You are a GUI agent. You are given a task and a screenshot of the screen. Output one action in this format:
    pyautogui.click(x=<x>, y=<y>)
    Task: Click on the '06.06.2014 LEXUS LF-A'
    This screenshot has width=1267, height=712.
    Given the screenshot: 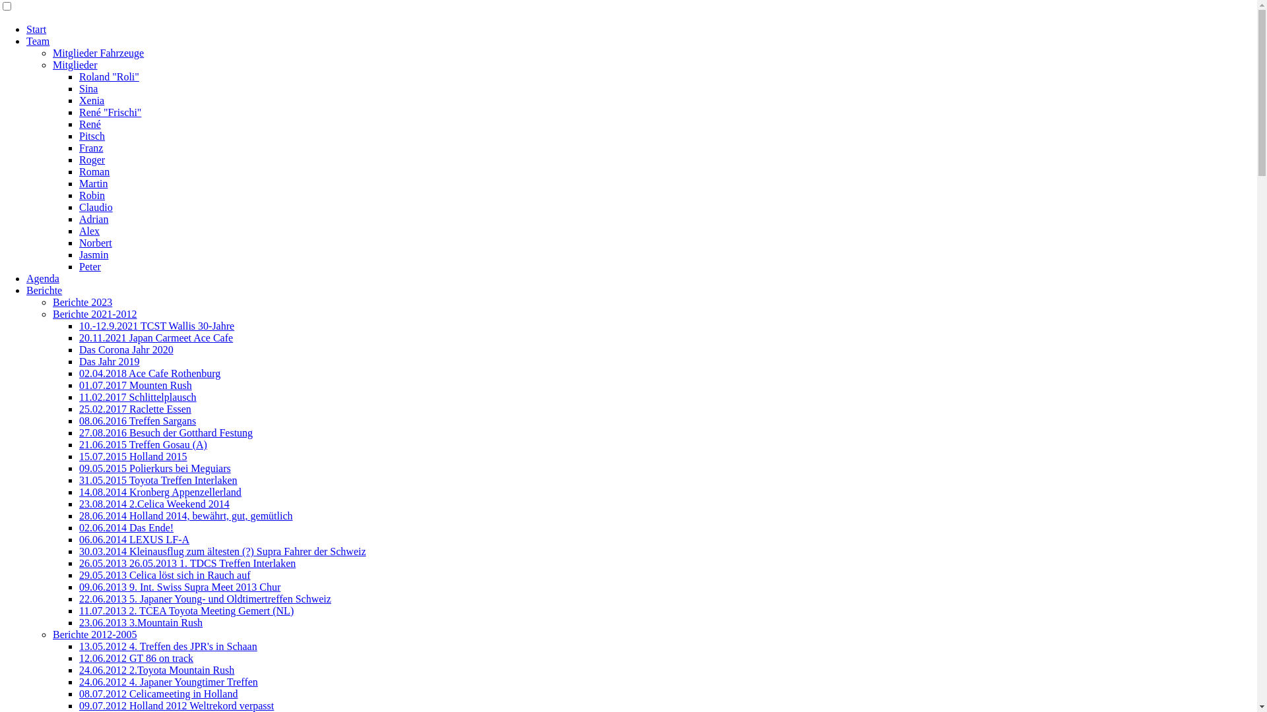 What is the action you would take?
    pyautogui.click(x=134, y=539)
    